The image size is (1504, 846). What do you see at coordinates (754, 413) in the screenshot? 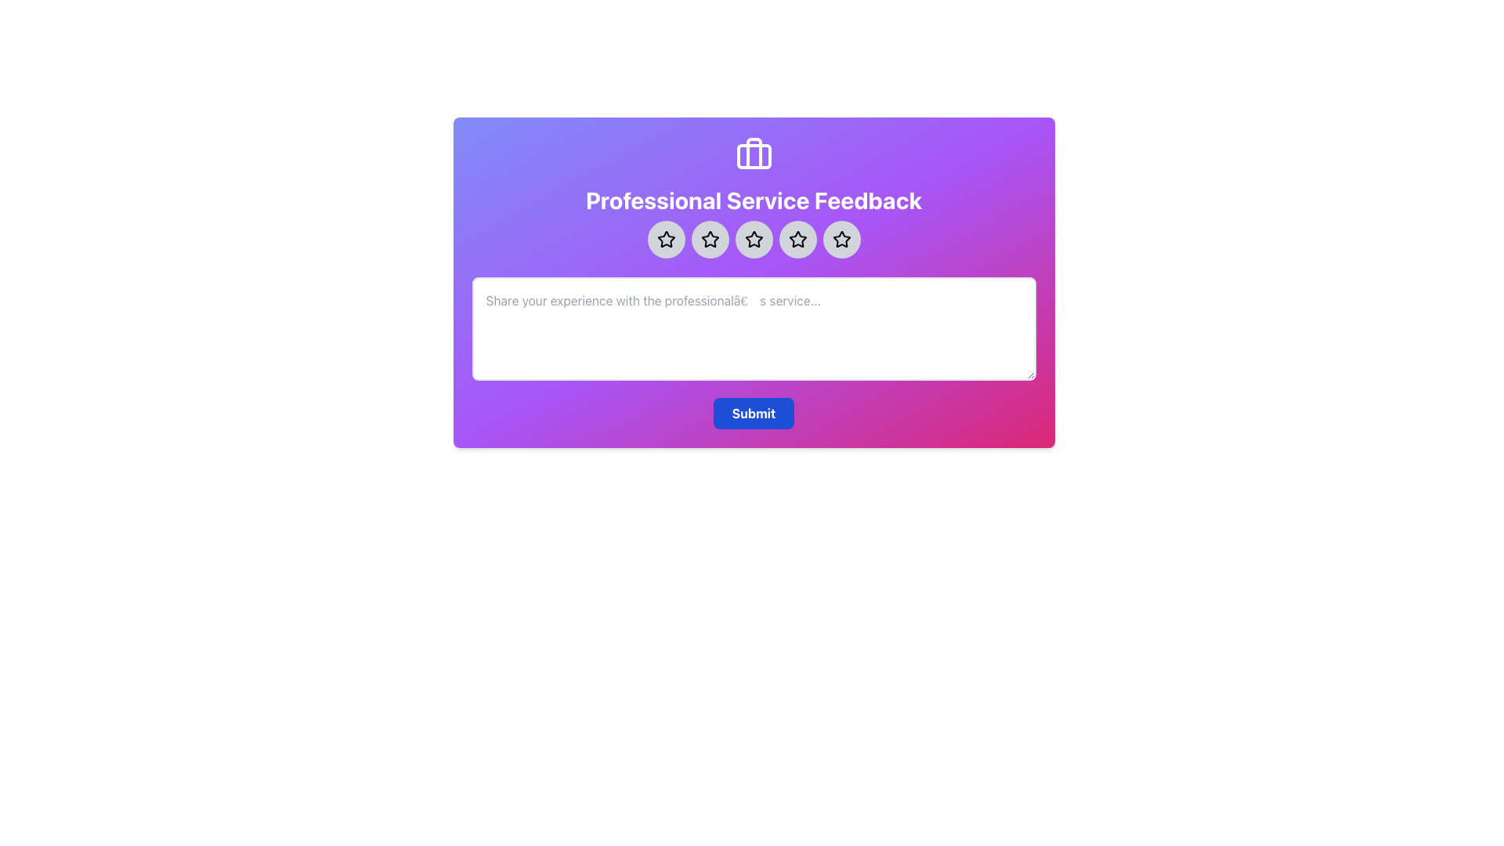
I see `the feedback submission button located at the bottom center of the 'Professional Service Feedback' card to observe the color change in its hover state` at bounding box center [754, 413].